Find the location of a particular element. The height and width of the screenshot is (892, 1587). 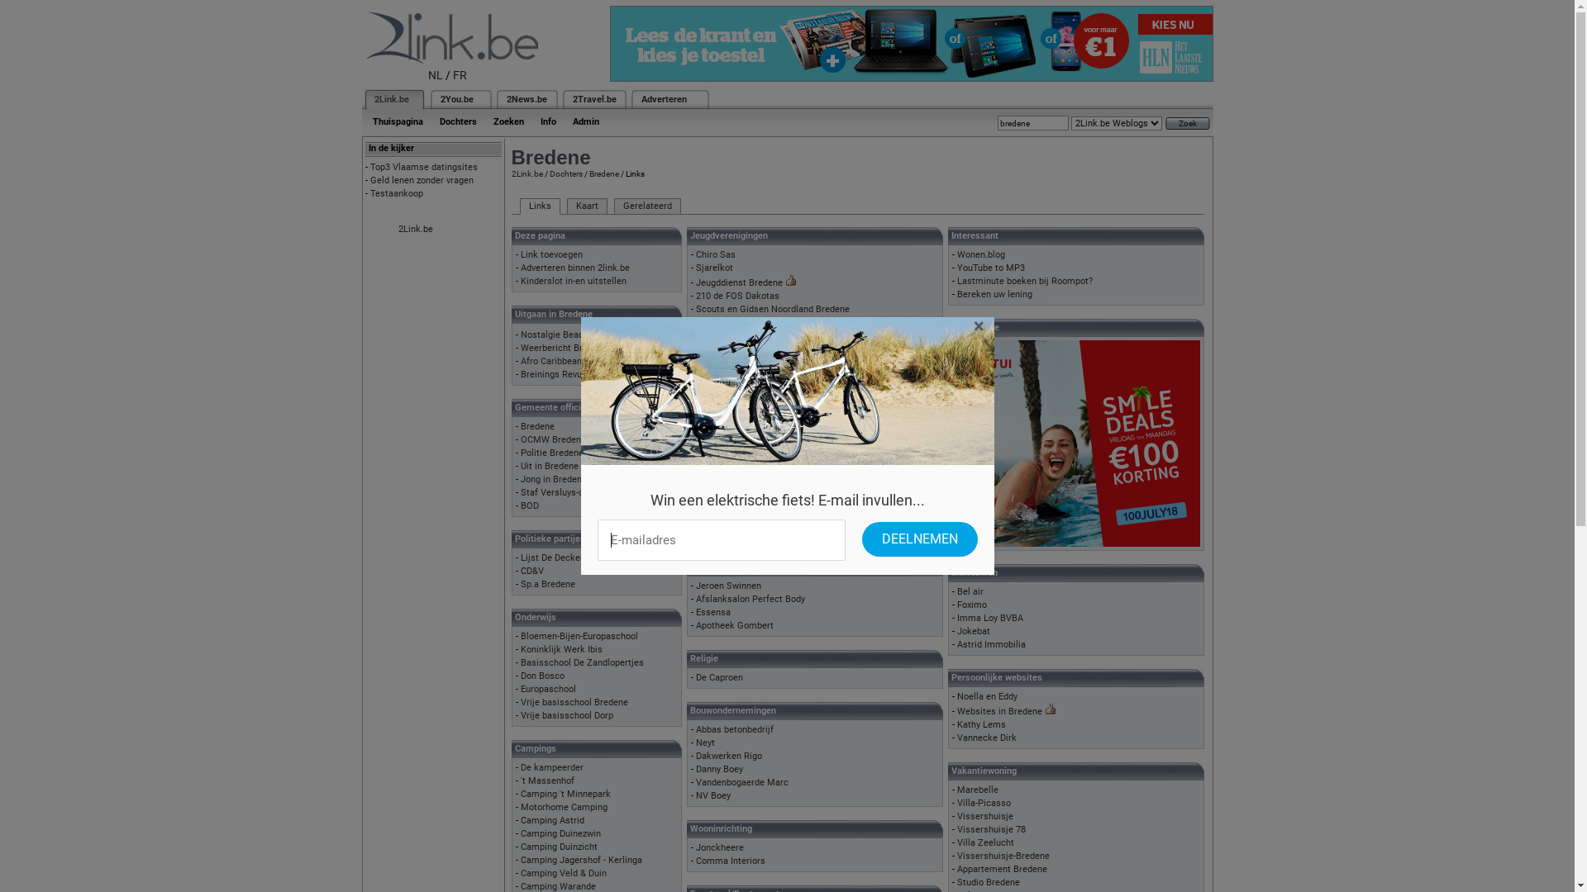

'Lijst De Decker' is located at coordinates (551, 557).